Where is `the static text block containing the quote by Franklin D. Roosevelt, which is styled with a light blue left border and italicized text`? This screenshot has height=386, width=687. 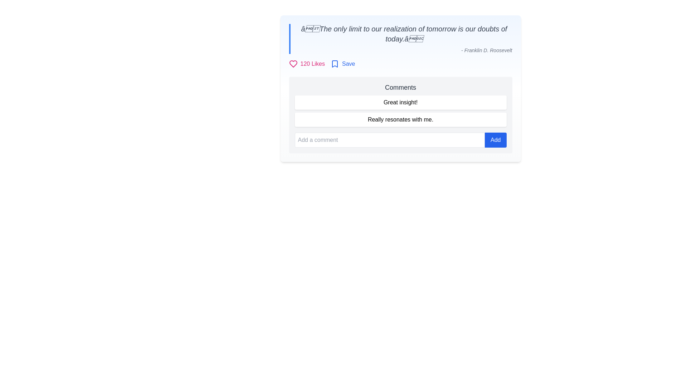
the static text block containing the quote by Franklin D. Roosevelt, which is styled with a light blue left border and italicized text is located at coordinates (400, 39).